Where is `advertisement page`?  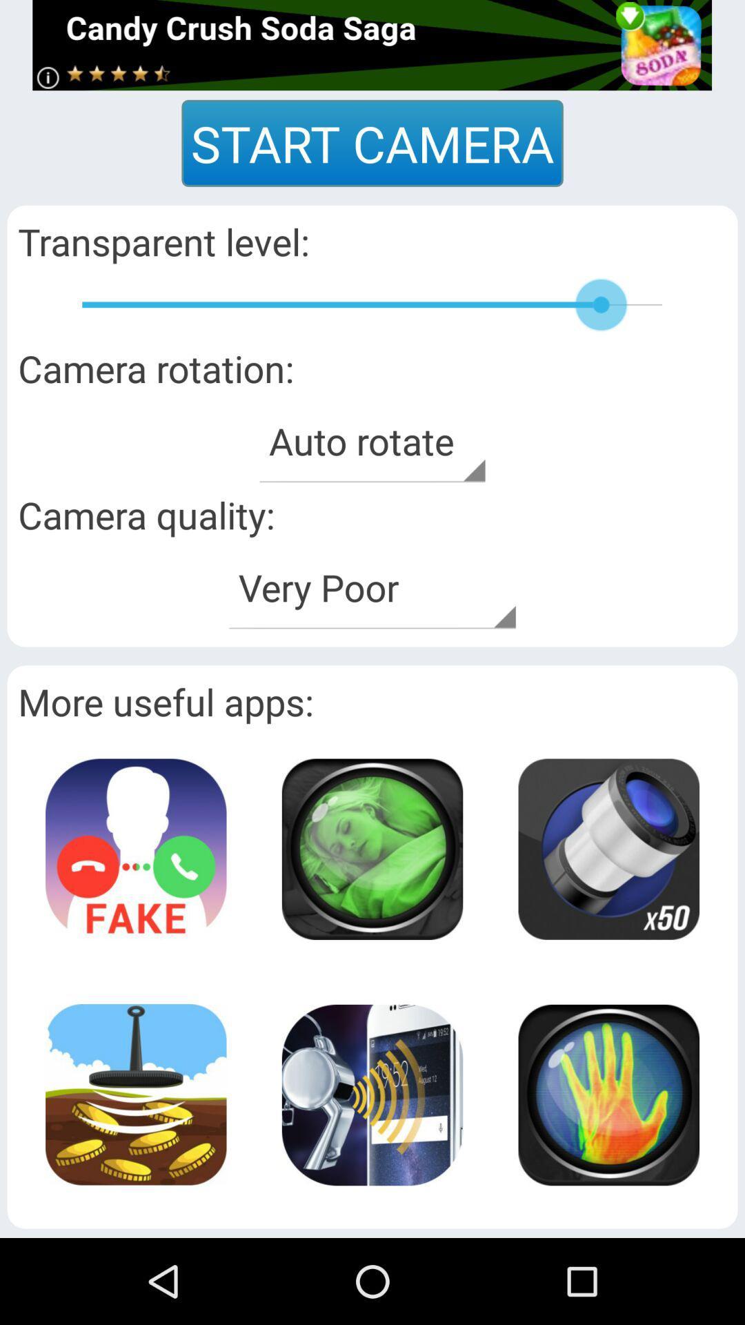
advertisement page is located at coordinates (608, 848).